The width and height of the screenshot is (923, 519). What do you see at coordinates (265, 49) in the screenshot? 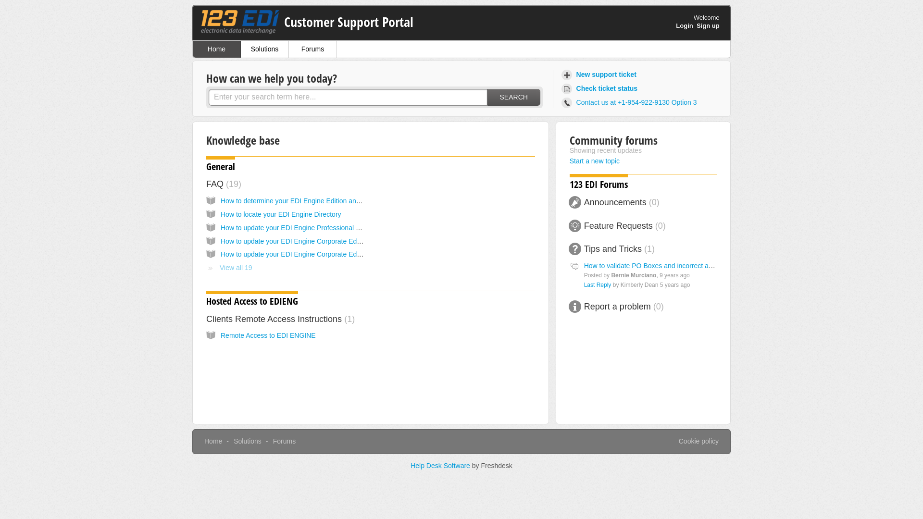
I see `'Solutions'` at bounding box center [265, 49].